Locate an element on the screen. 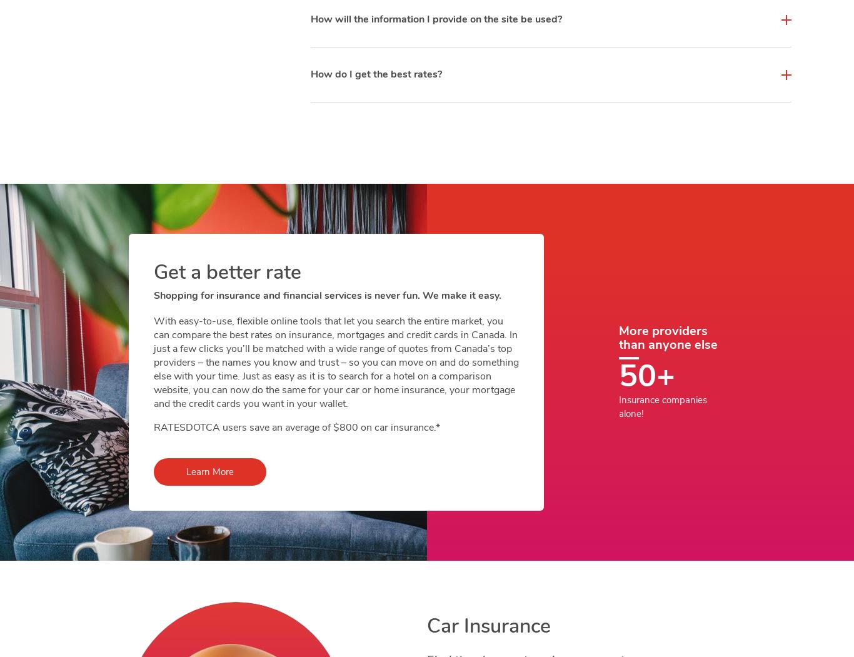 This screenshot has width=854, height=657. 'RATESDOTCA users save an average of $800 on car insurance.*' is located at coordinates (154, 427).